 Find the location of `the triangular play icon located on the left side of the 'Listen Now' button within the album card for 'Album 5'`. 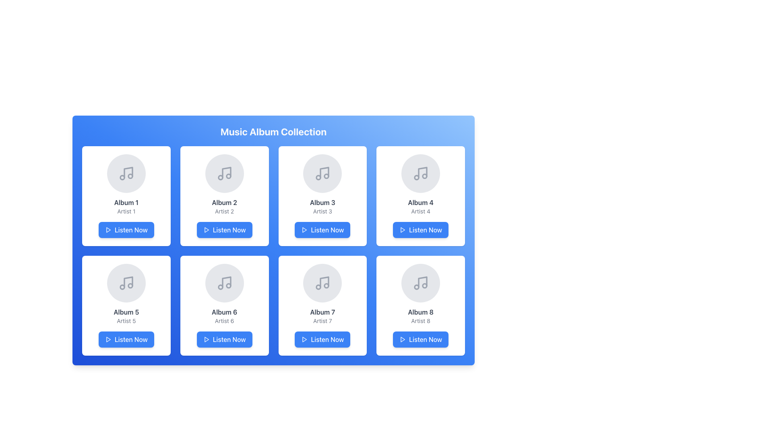

the triangular play icon located on the left side of the 'Listen Now' button within the album card for 'Album 5' is located at coordinates (108, 340).